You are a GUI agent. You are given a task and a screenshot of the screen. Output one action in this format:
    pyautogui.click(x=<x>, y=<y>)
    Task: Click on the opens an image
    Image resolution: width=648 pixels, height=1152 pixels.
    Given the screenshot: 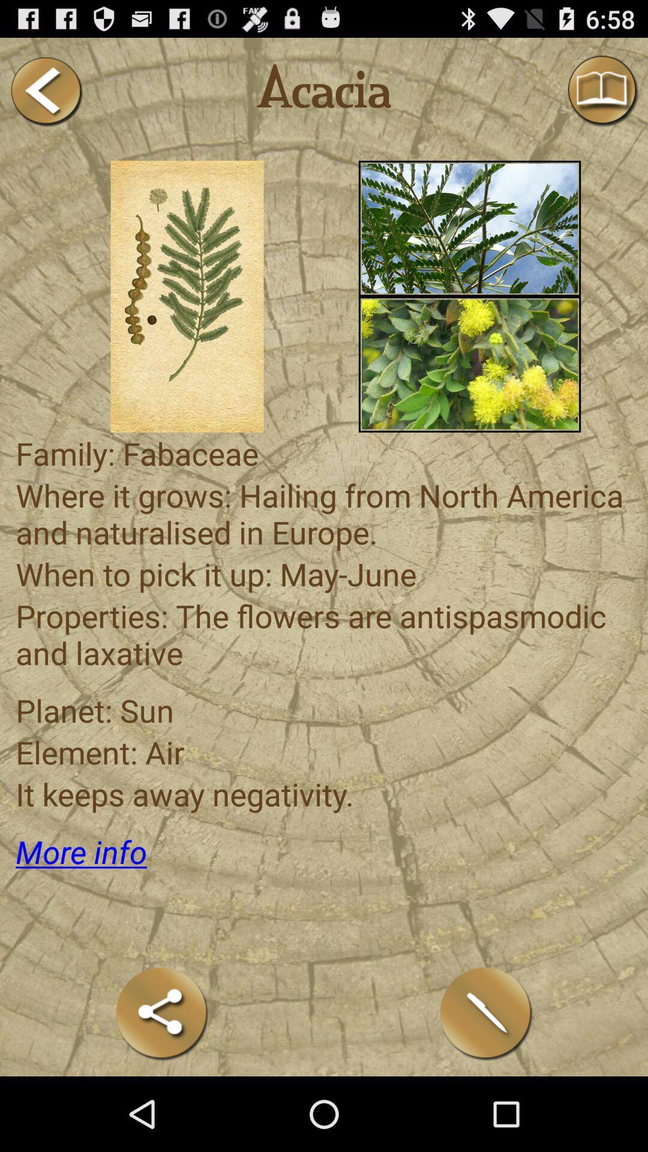 What is the action you would take?
    pyautogui.click(x=187, y=296)
    